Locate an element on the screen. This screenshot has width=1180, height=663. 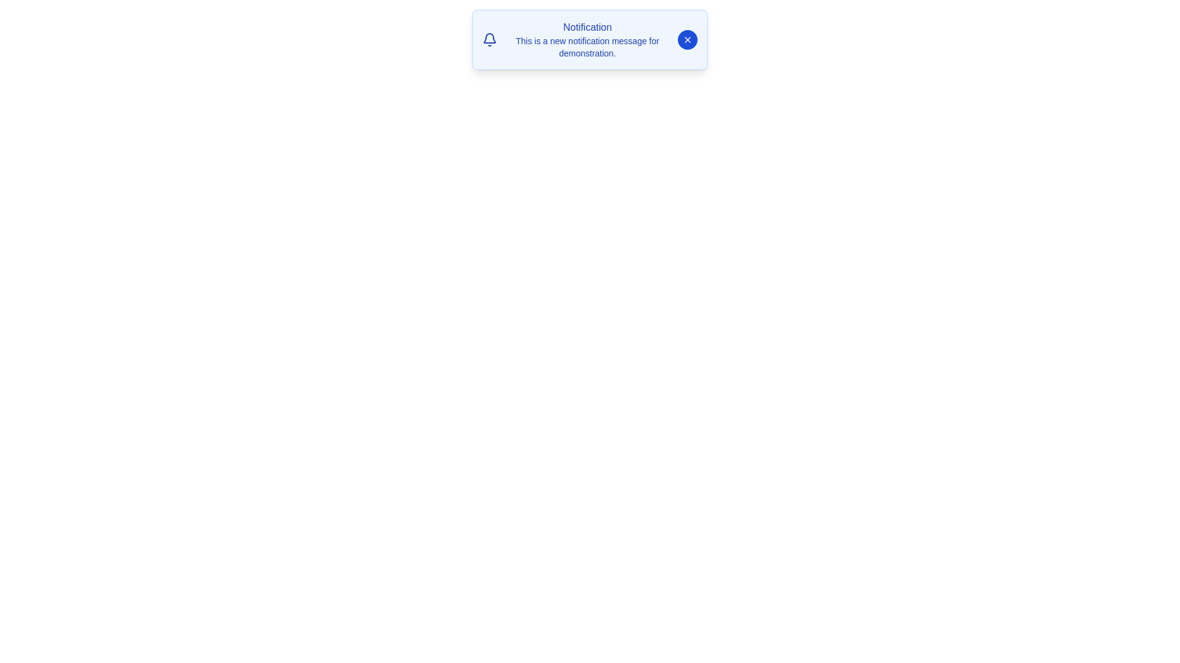
the bell-shaped icon with a blue outline located to the left of the 'Notification' text block is located at coordinates (489, 39).